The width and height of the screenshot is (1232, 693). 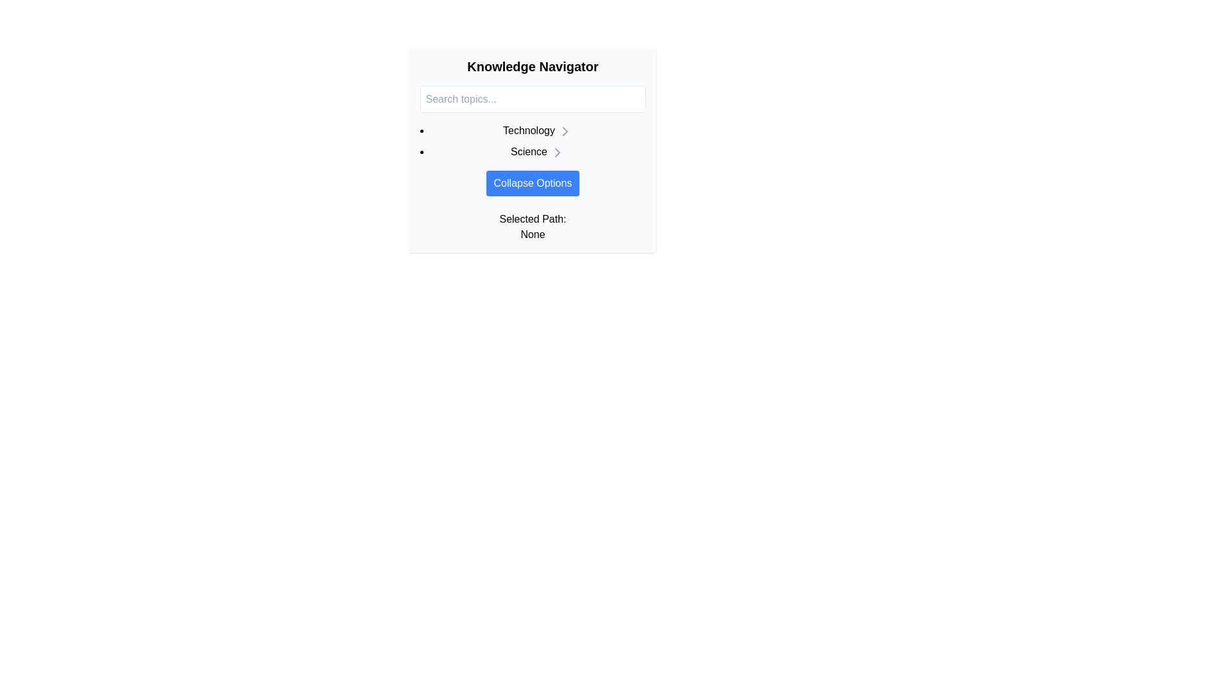 What do you see at coordinates (565, 131) in the screenshot?
I see `the SVG chevron icon, which is a triangular arrow pointing to the right, located immediately to the right of the 'Science' label in the vertical list` at bounding box center [565, 131].